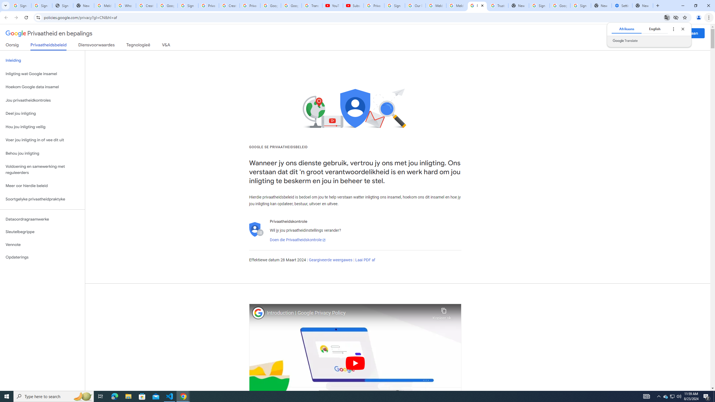  What do you see at coordinates (42, 257) in the screenshot?
I see `'Opdaterings'` at bounding box center [42, 257].